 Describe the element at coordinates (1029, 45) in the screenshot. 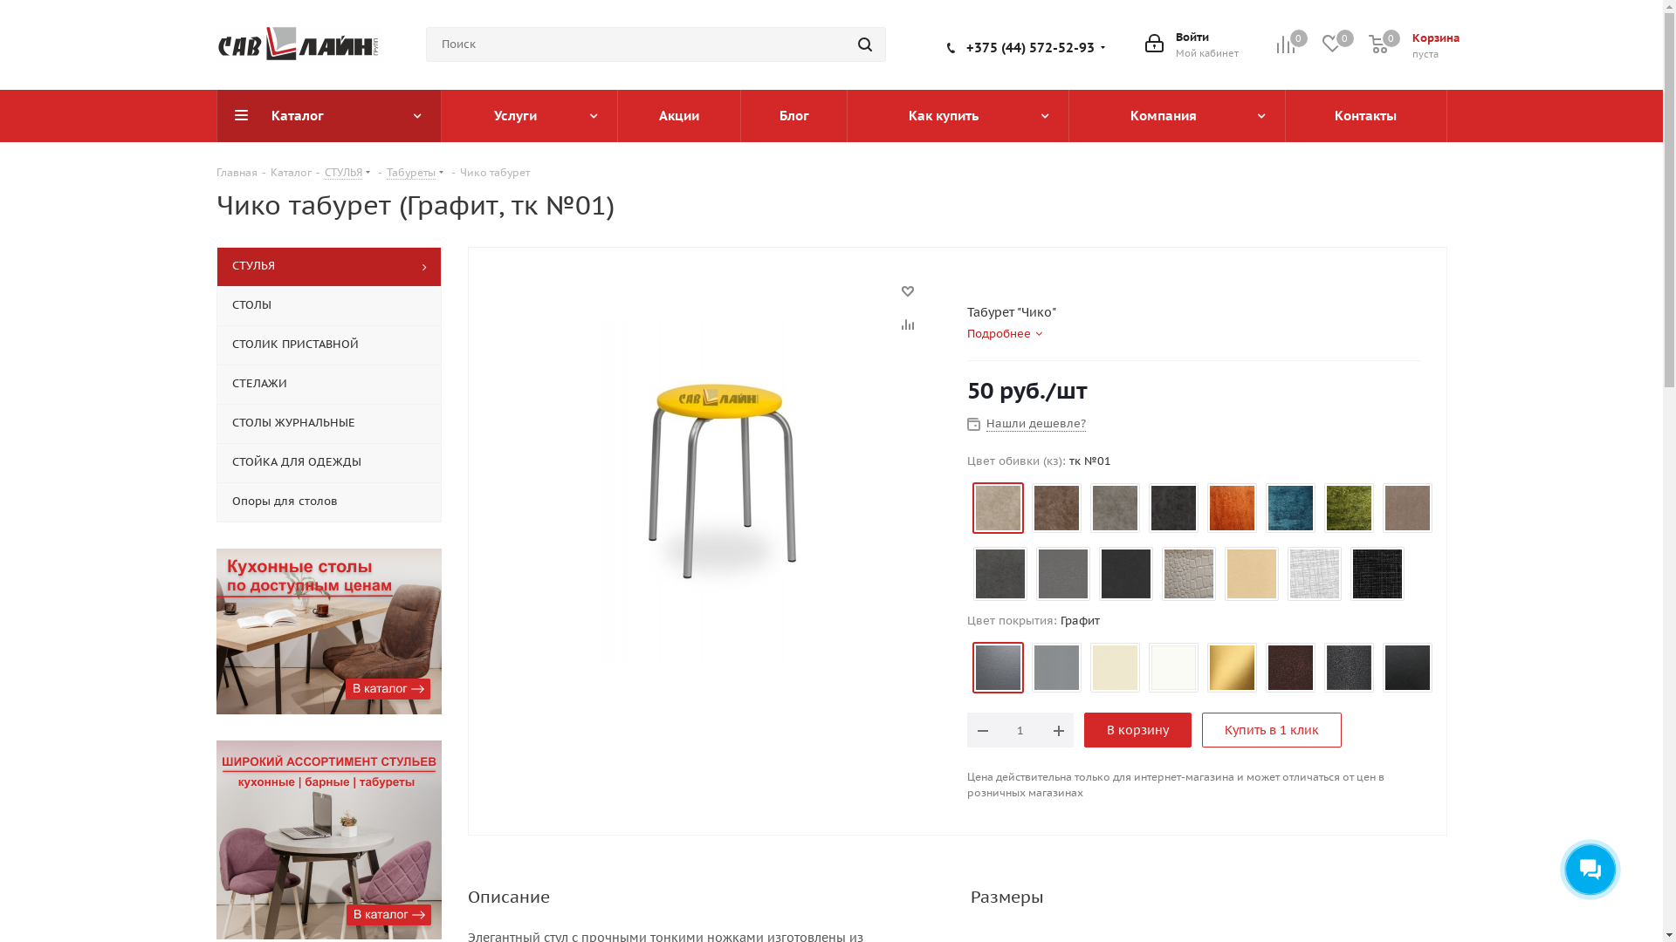

I see `'+375 (44) 572-52-93'` at that location.